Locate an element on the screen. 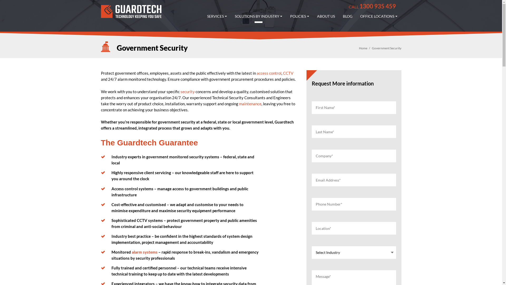 The image size is (506, 285). 'ABOUT US' is located at coordinates (326, 16).